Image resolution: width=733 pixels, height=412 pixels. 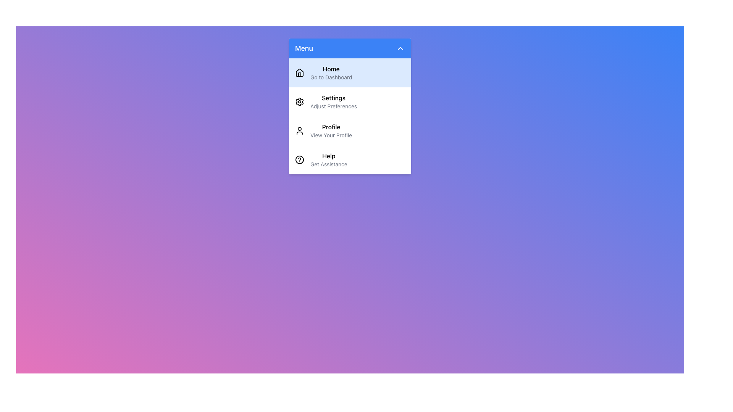 I want to click on the descriptive text label for the 'Profile' section, which is centered beneath the 'Profile' label in the menu, so click(x=331, y=135).